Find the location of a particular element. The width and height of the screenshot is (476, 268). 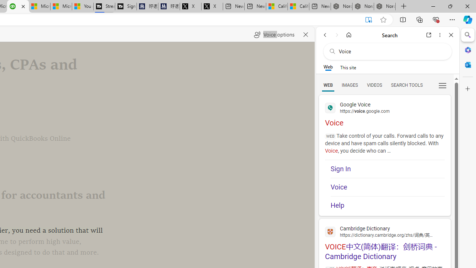

'IMAGES' is located at coordinates (349, 84).